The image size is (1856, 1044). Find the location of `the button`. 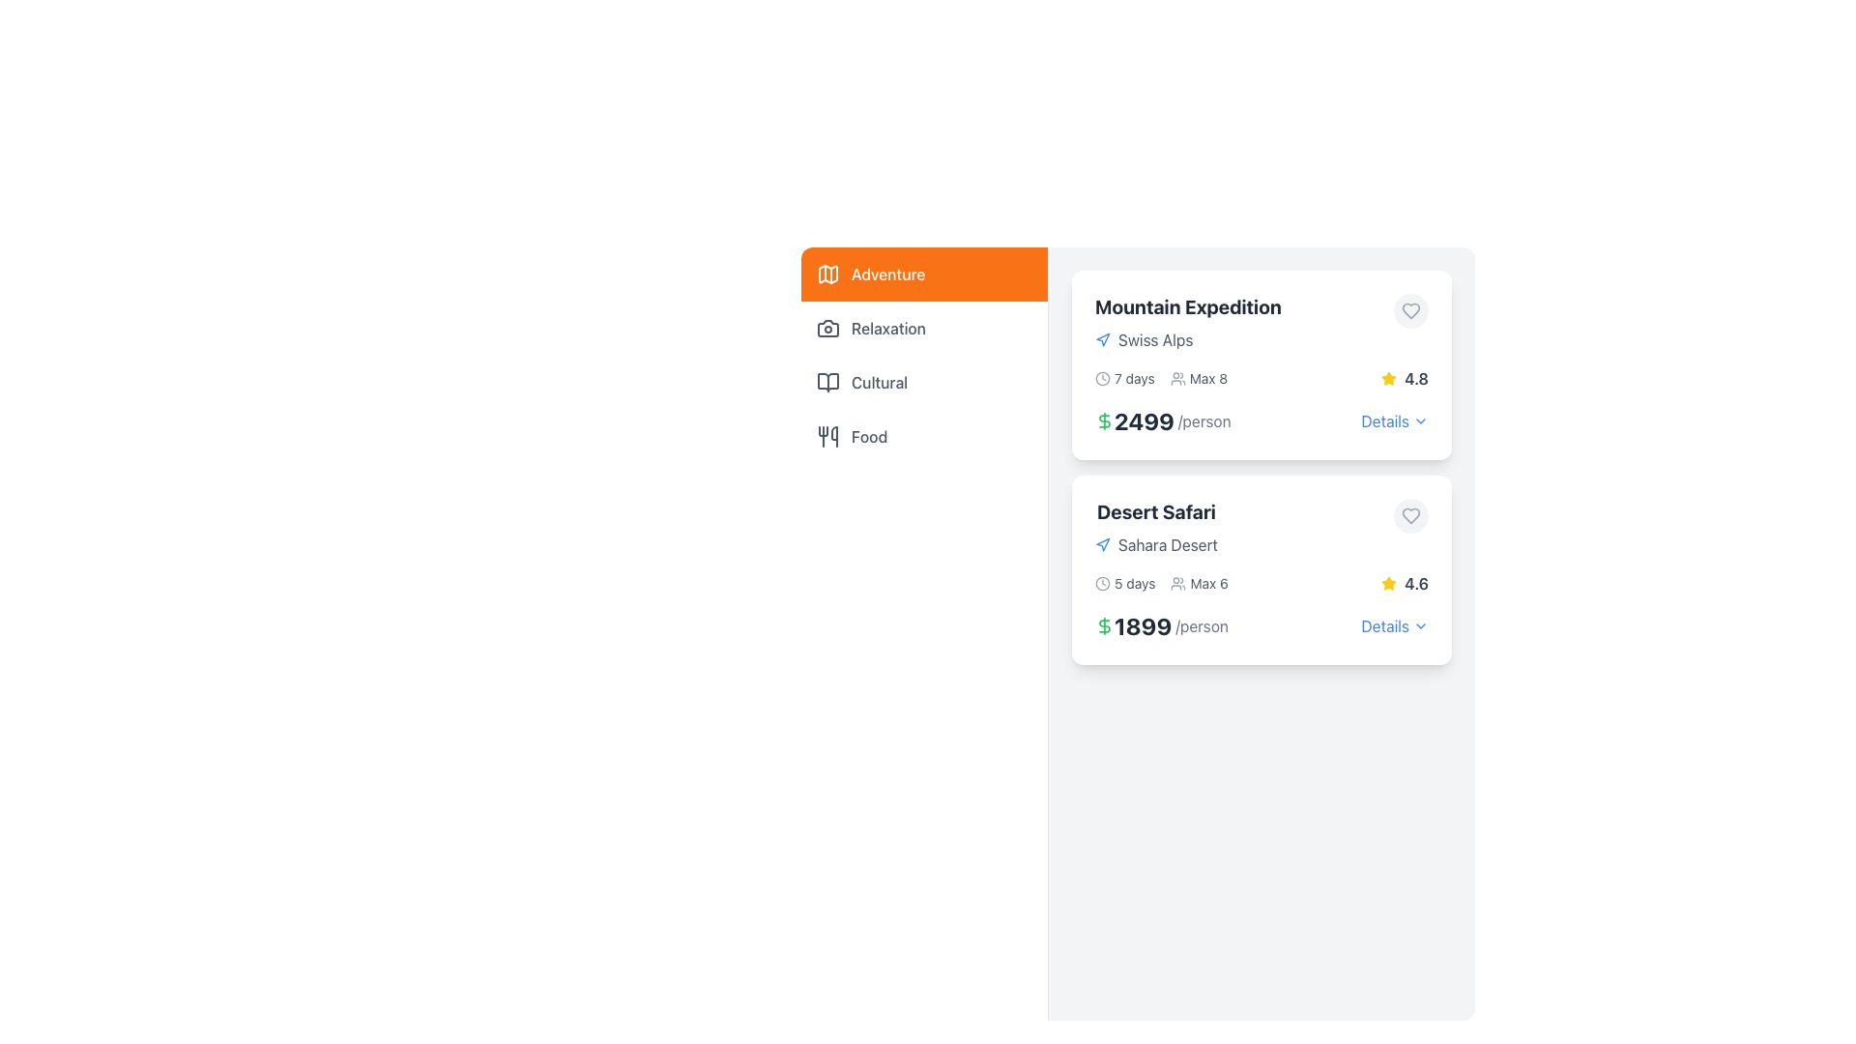

the button is located at coordinates (1410, 514).